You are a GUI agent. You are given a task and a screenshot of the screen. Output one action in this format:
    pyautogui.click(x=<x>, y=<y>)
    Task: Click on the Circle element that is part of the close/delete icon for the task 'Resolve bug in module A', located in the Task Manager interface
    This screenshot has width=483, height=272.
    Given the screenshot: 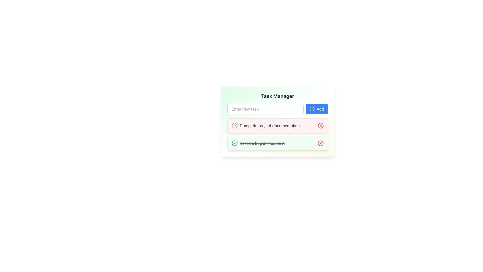 What is the action you would take?
    pyautogui.click(x=320, y=143)
    